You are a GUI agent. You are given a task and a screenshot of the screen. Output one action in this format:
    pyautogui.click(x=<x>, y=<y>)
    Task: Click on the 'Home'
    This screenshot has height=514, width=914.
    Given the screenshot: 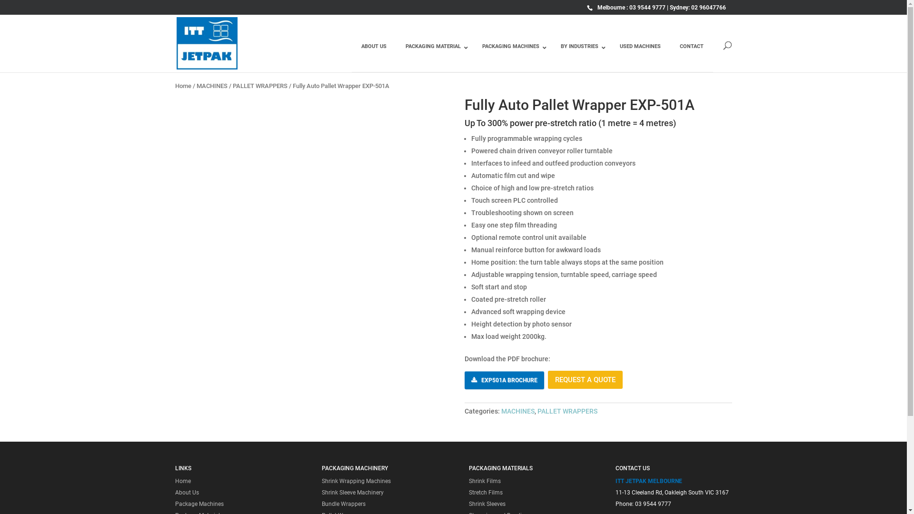 What is the action you would take?
    pyautogui.click(x=183, y=481)
    